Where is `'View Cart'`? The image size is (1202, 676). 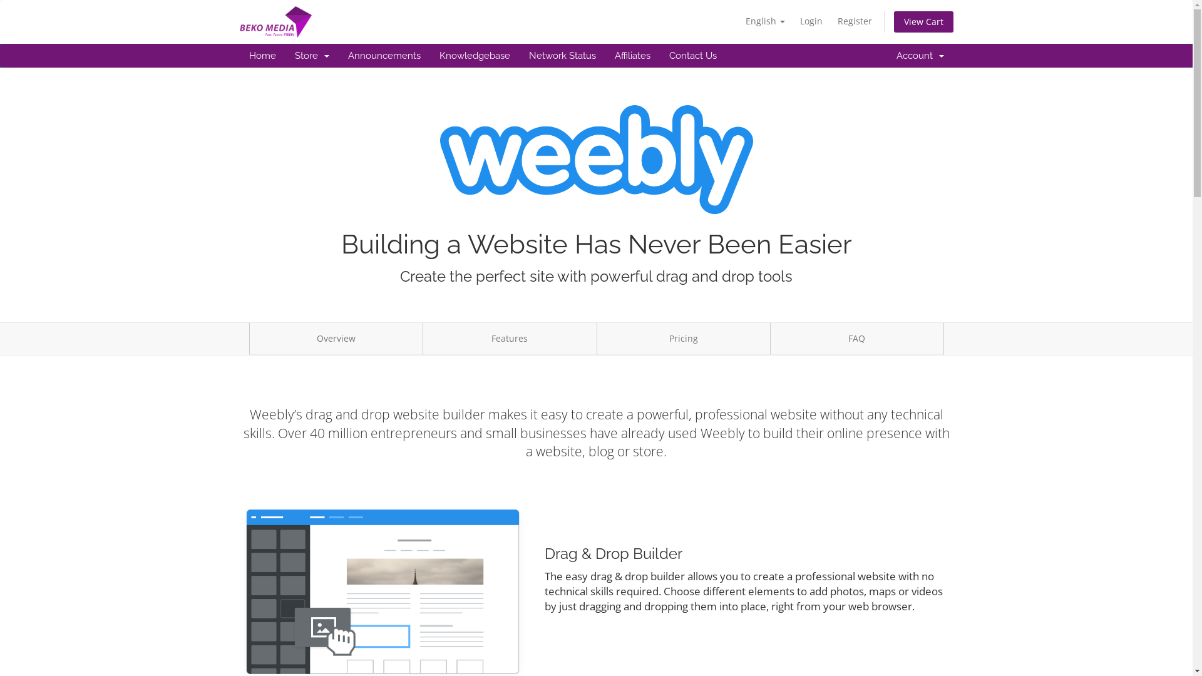 'View Cart' is located at coordinates (923, 21).